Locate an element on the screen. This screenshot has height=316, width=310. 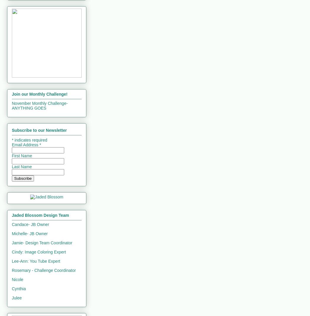
'Nicole' is located at coordinates (17, 279).